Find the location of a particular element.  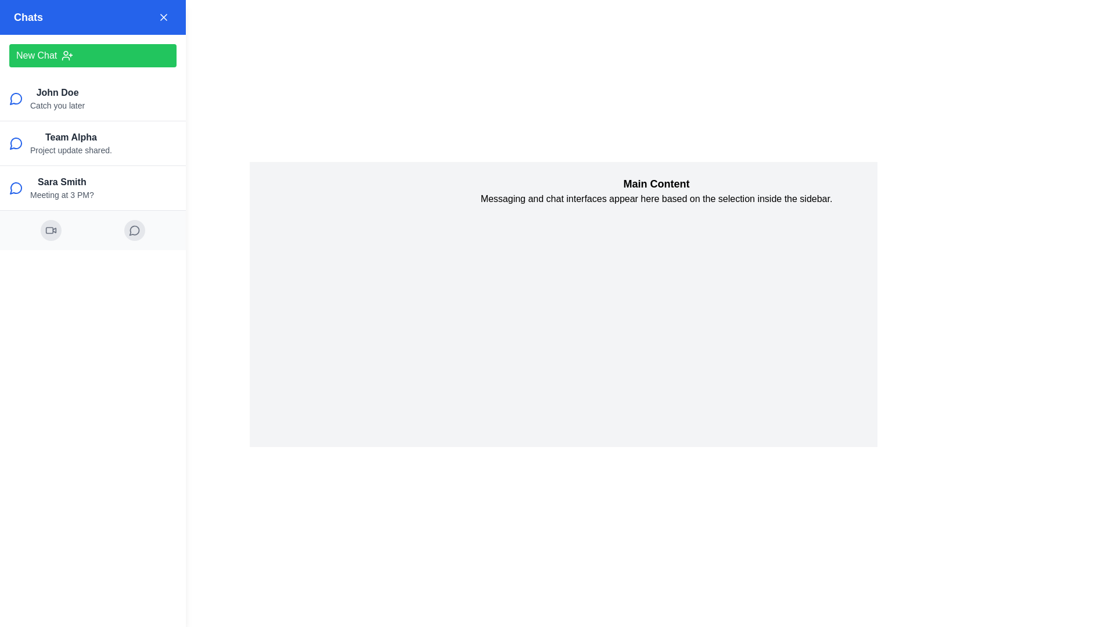

the circular button with a video camera icon located in the footer section at the bottom of the sidebar is located at coordinates (50, 230).